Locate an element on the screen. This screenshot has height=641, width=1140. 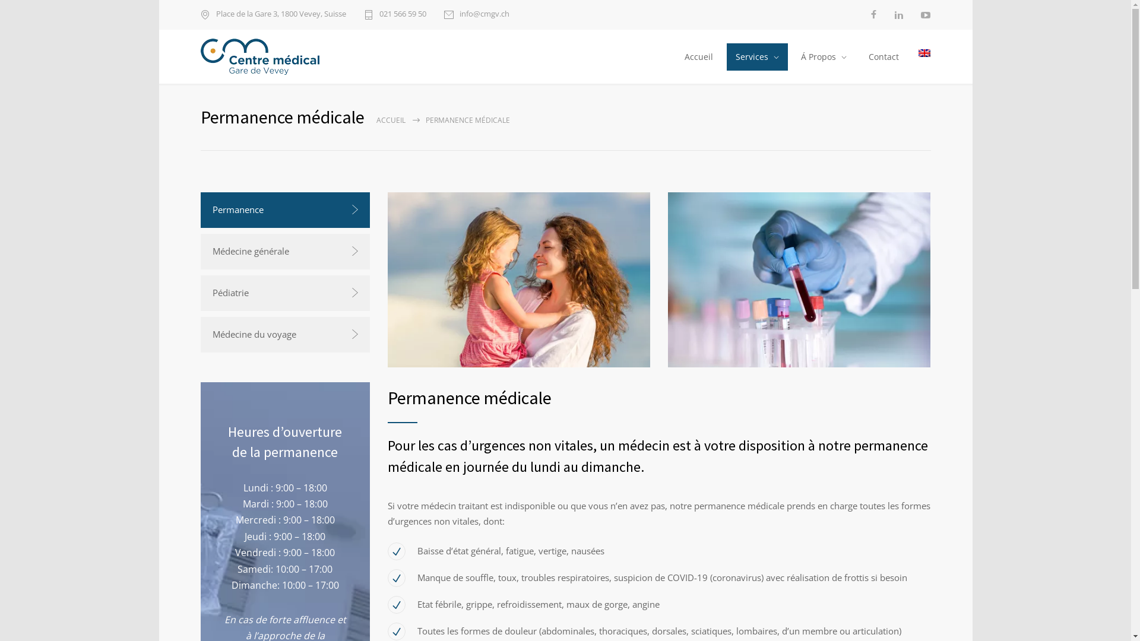
'Accueil' is located at coordinates (674, 57).